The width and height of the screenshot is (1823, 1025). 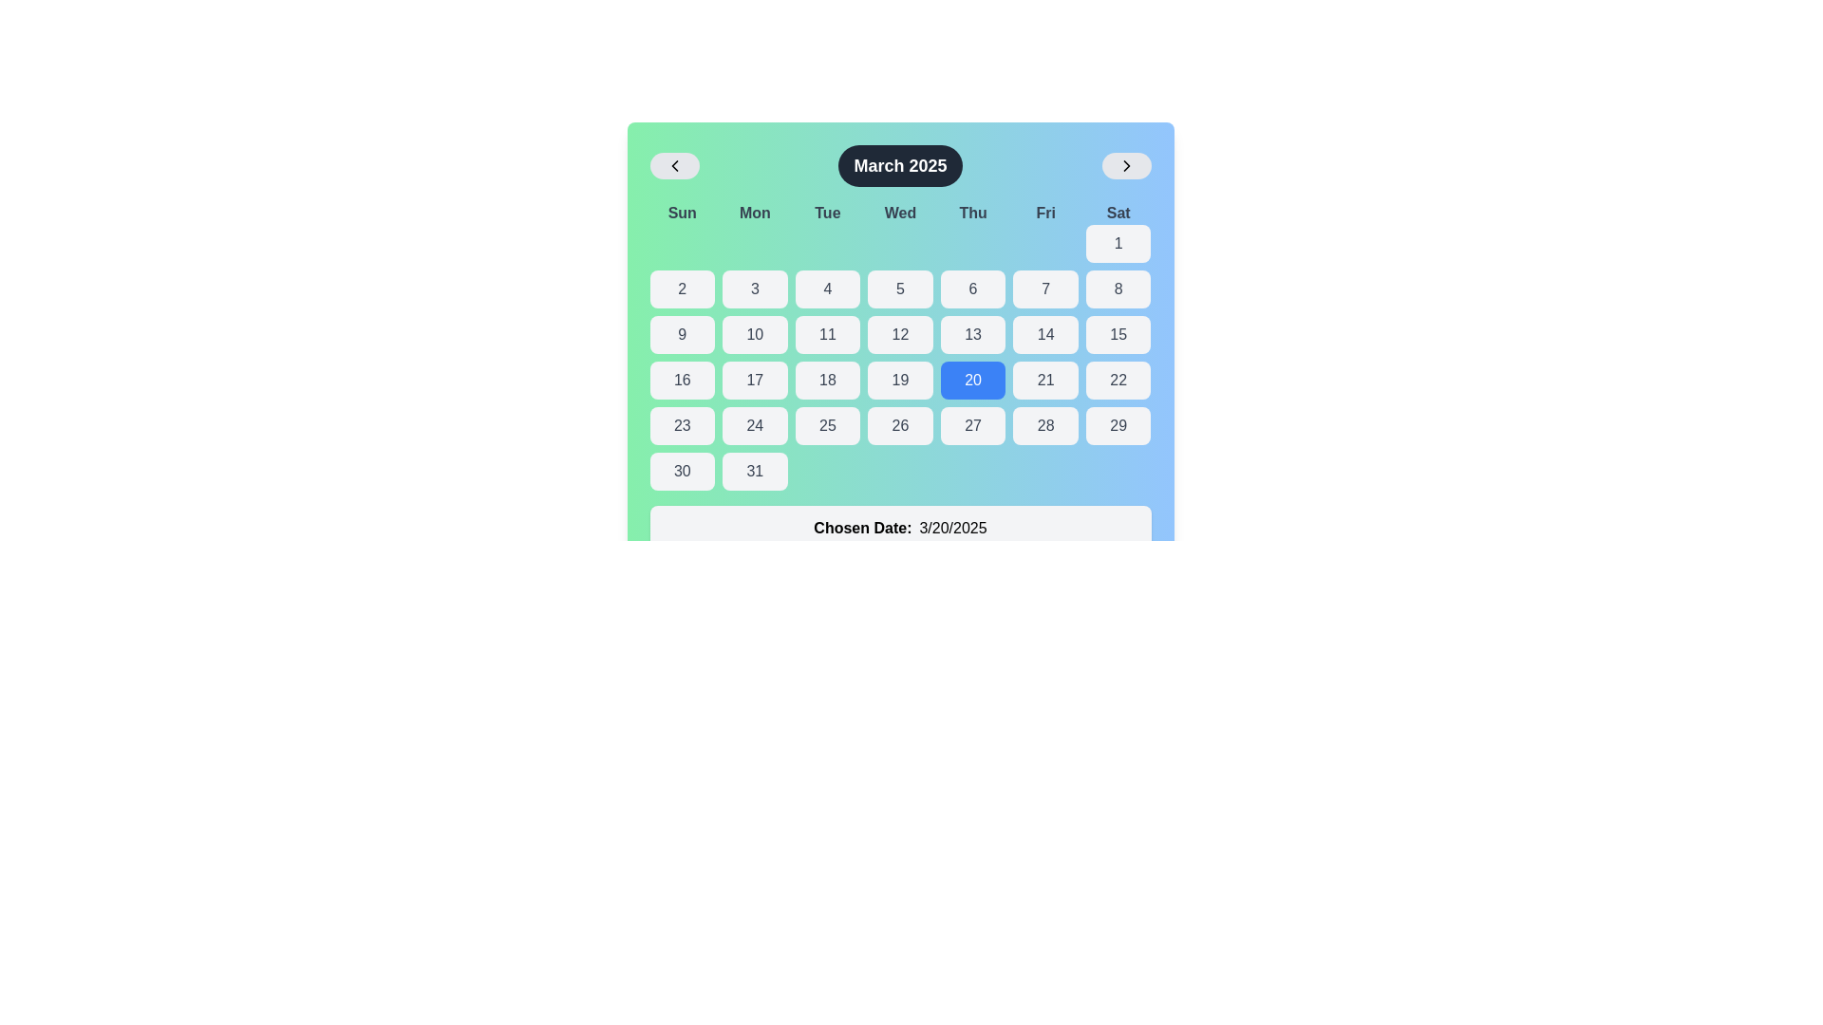 I want to click on the button representing the 31st day in the calendar interface, positioned at the bottom-right corner of the 7x6 grid layout, so click(x=754, y=471).